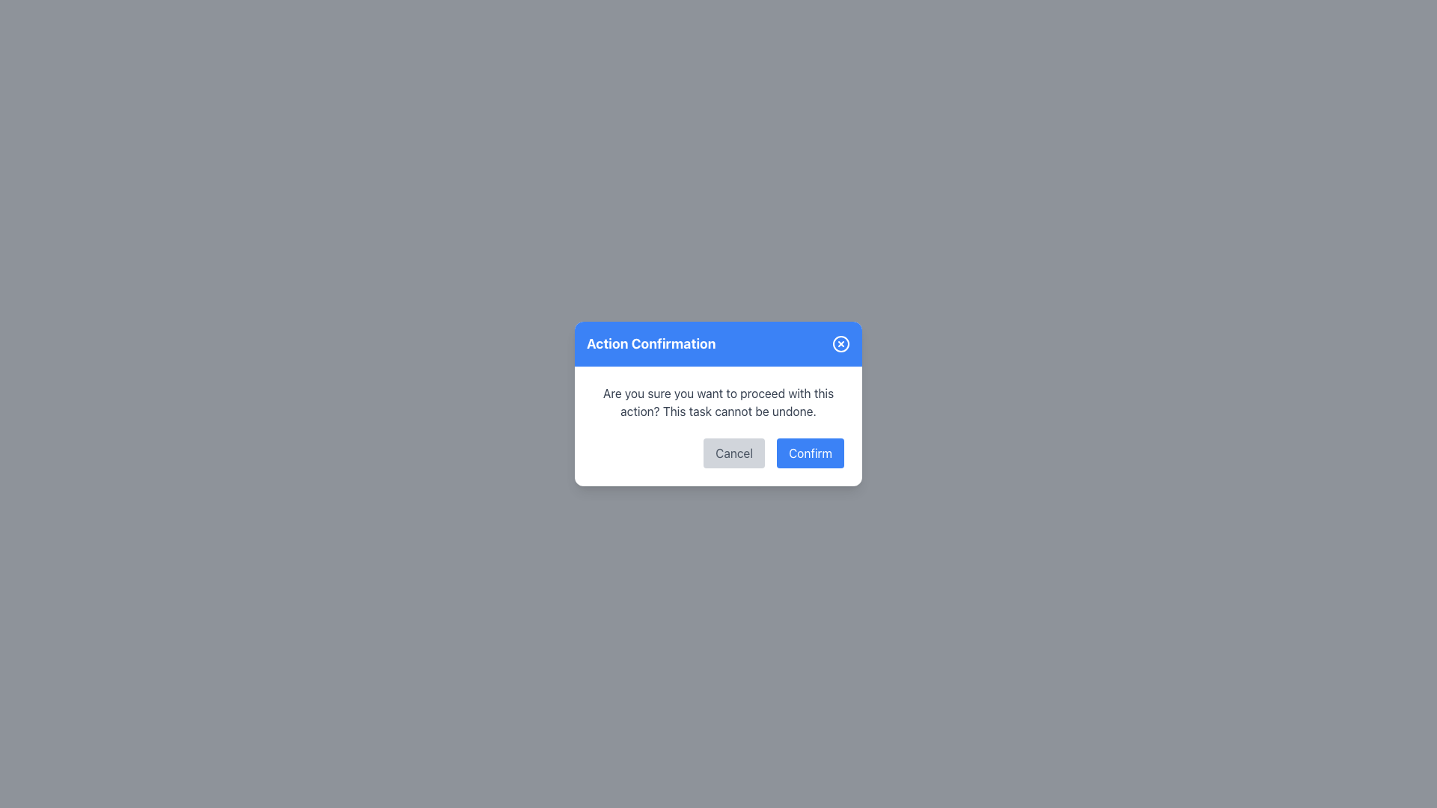  I want to click on the circular close icon with a cross mark located at the top right corner of the 'Action Confirmation' dialog window, so click(840, 343).